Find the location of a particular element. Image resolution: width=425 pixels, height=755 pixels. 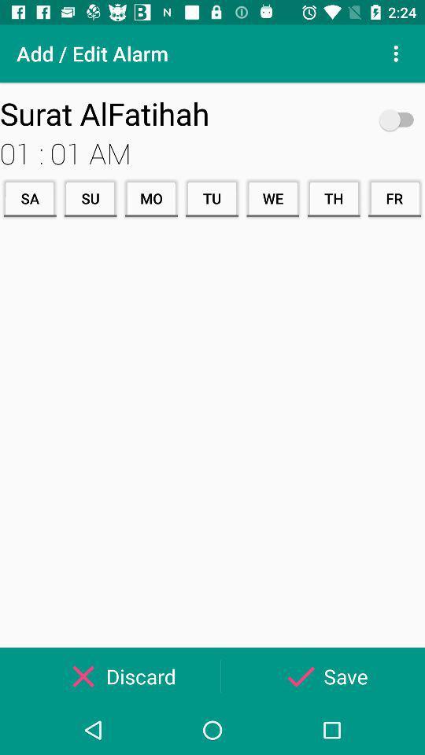

item next to the we icon is located at coordinates (333, 197).